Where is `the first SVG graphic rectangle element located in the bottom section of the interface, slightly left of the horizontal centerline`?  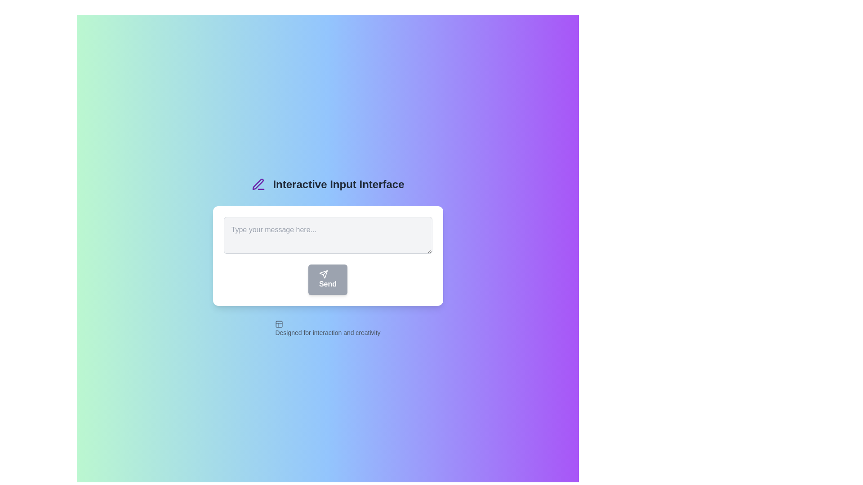
the first SVG graphic rectangle element located in the bottom section of the interface, slightly left of the horizontal centerline is located at coordinates (279, 324).